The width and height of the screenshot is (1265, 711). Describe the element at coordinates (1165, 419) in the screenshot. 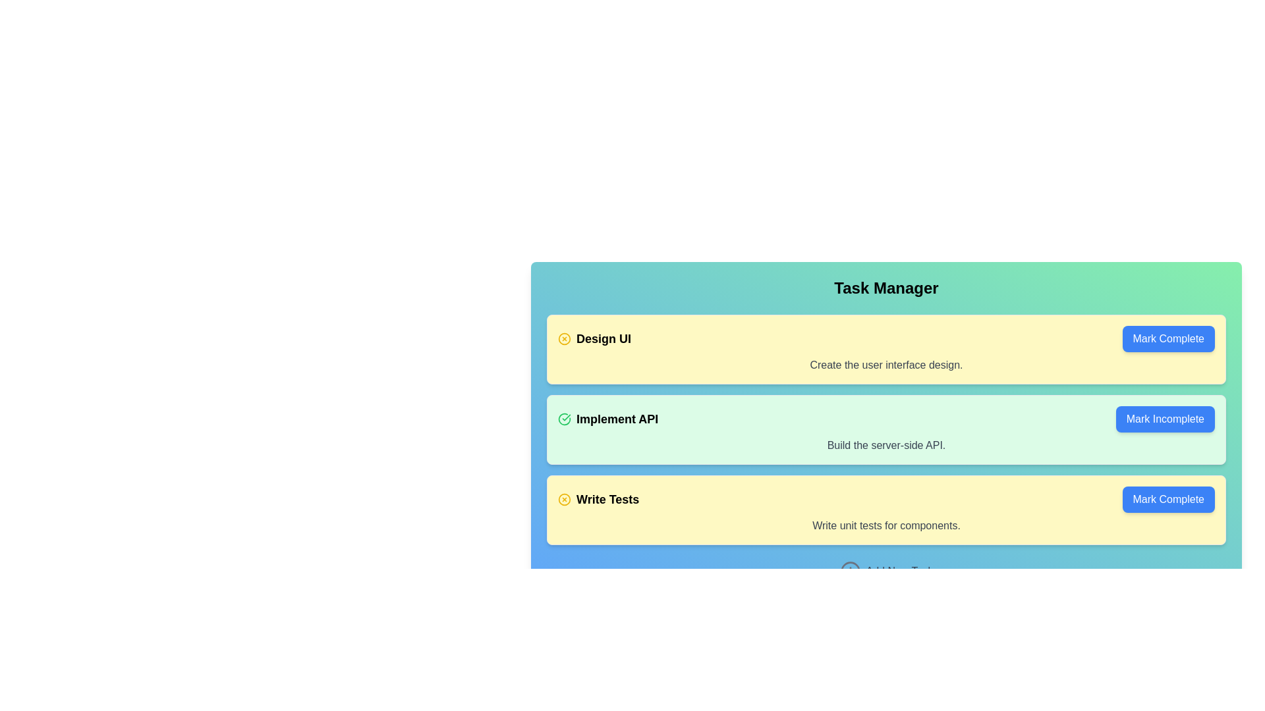

I see `the 'Mark Incomplete' button, which is a rectangular button with white font on a blue background, located in the row for the task 'Implement API'` at that location.